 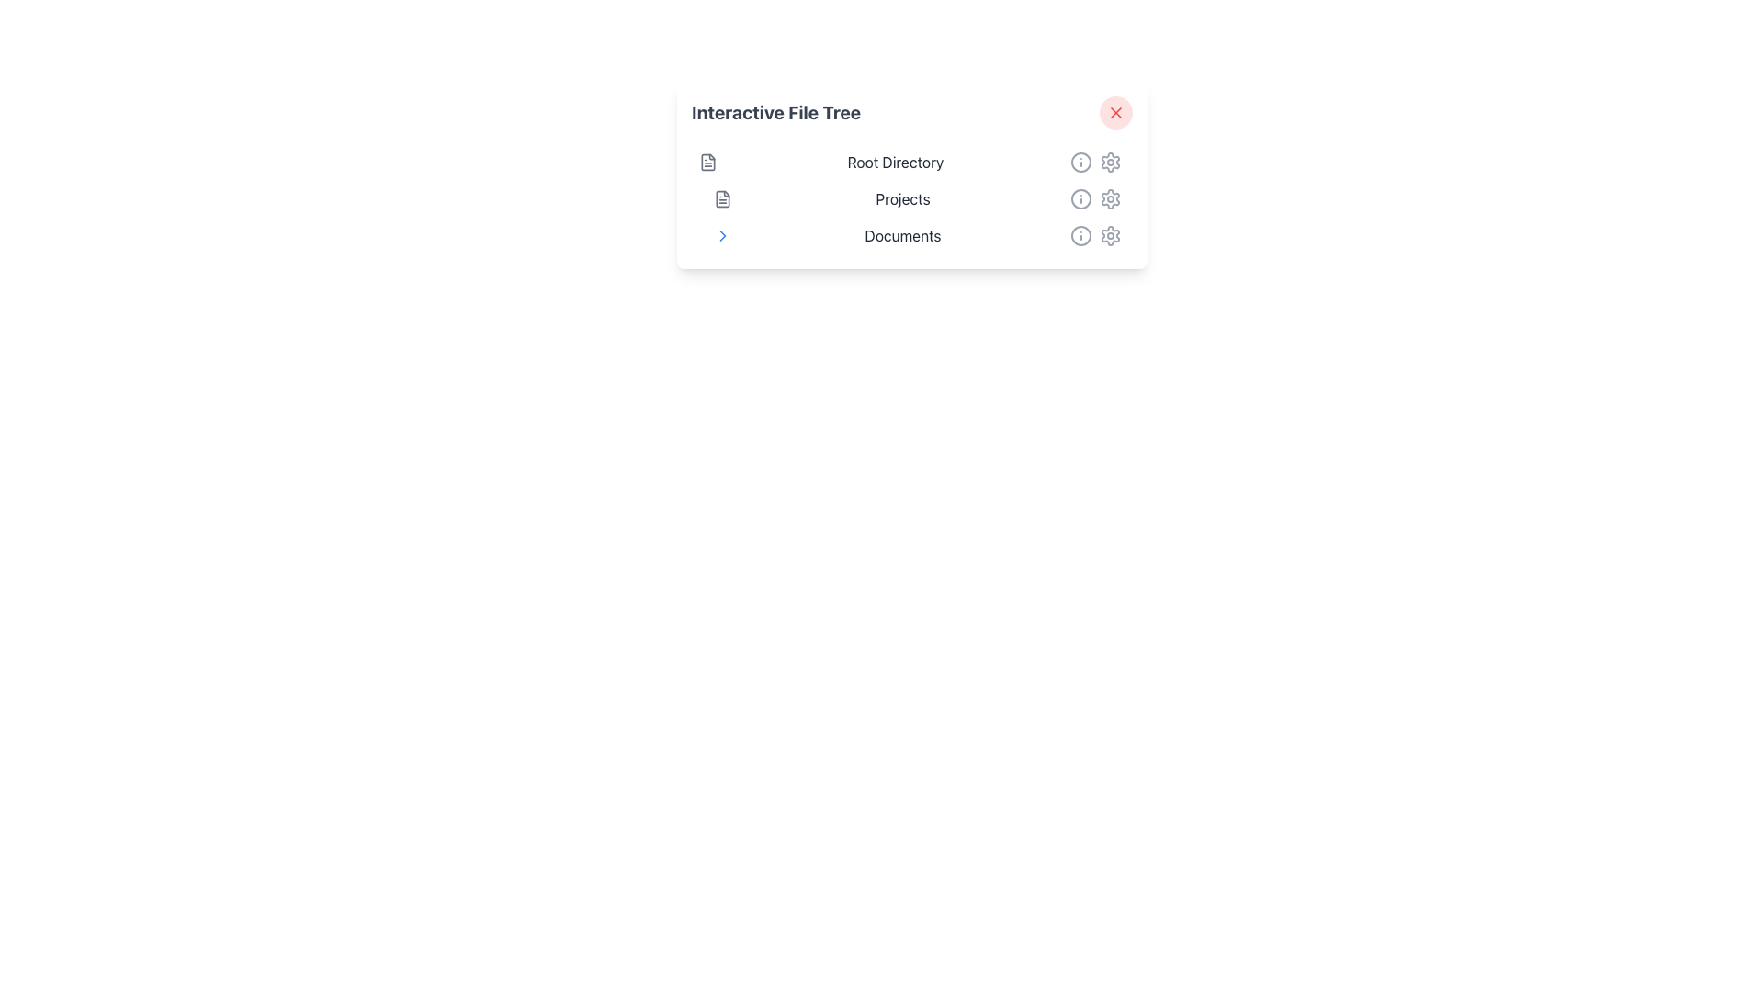 What do you see at coordinates (1110, 198) in the screenshot?
I see `the small gray gear icon button located to the right of the text 'Projects'` at bounding box center [1110, 198].